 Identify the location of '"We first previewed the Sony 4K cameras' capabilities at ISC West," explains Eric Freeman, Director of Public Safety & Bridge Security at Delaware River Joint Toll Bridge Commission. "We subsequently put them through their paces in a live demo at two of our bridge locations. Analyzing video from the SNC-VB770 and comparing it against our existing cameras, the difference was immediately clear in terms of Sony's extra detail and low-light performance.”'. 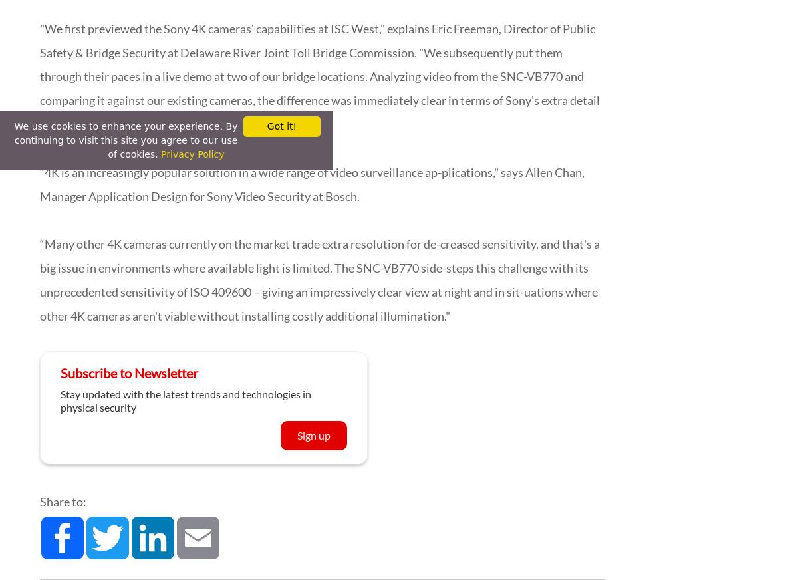
(319, 76).